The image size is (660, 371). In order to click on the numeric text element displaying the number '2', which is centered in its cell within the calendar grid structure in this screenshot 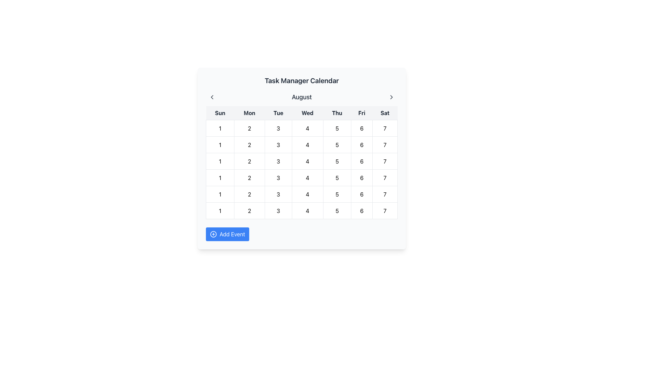, I will do `click(249, 210)`.